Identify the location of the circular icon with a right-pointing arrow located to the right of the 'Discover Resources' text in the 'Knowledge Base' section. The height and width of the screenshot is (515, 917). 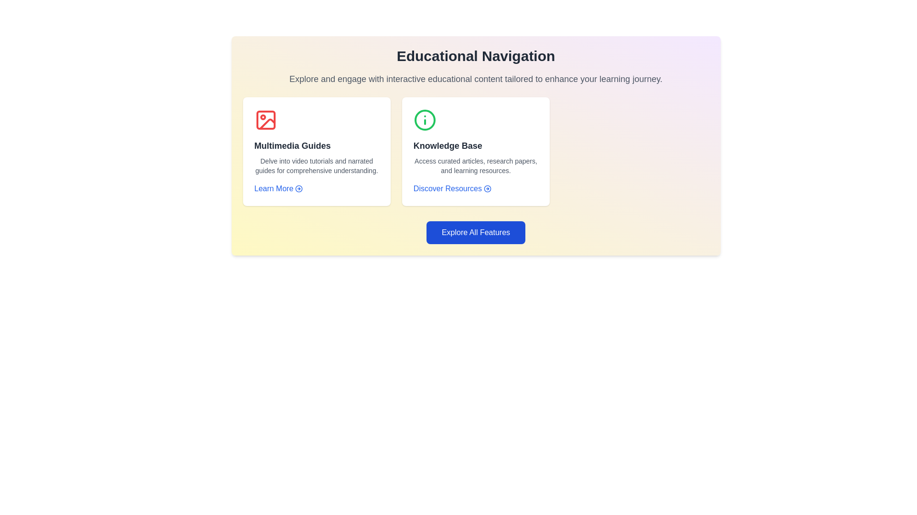
(488, 189).